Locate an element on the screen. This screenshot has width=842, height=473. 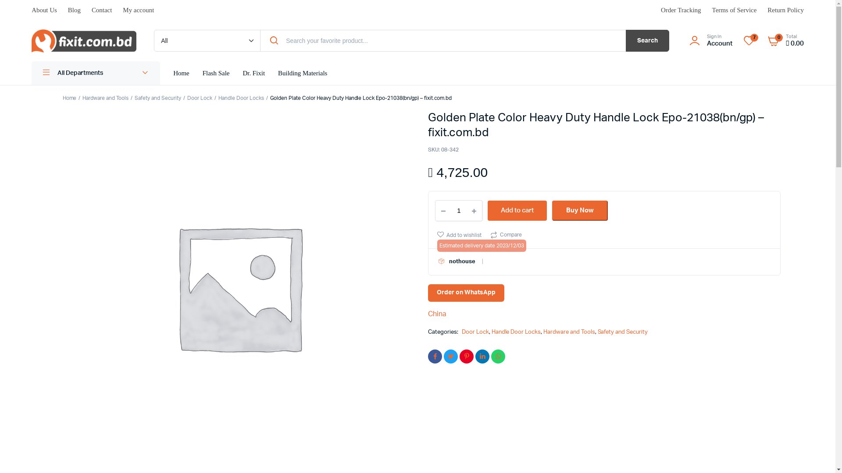
'Safety and Security' is located at coordinates (158, 98).